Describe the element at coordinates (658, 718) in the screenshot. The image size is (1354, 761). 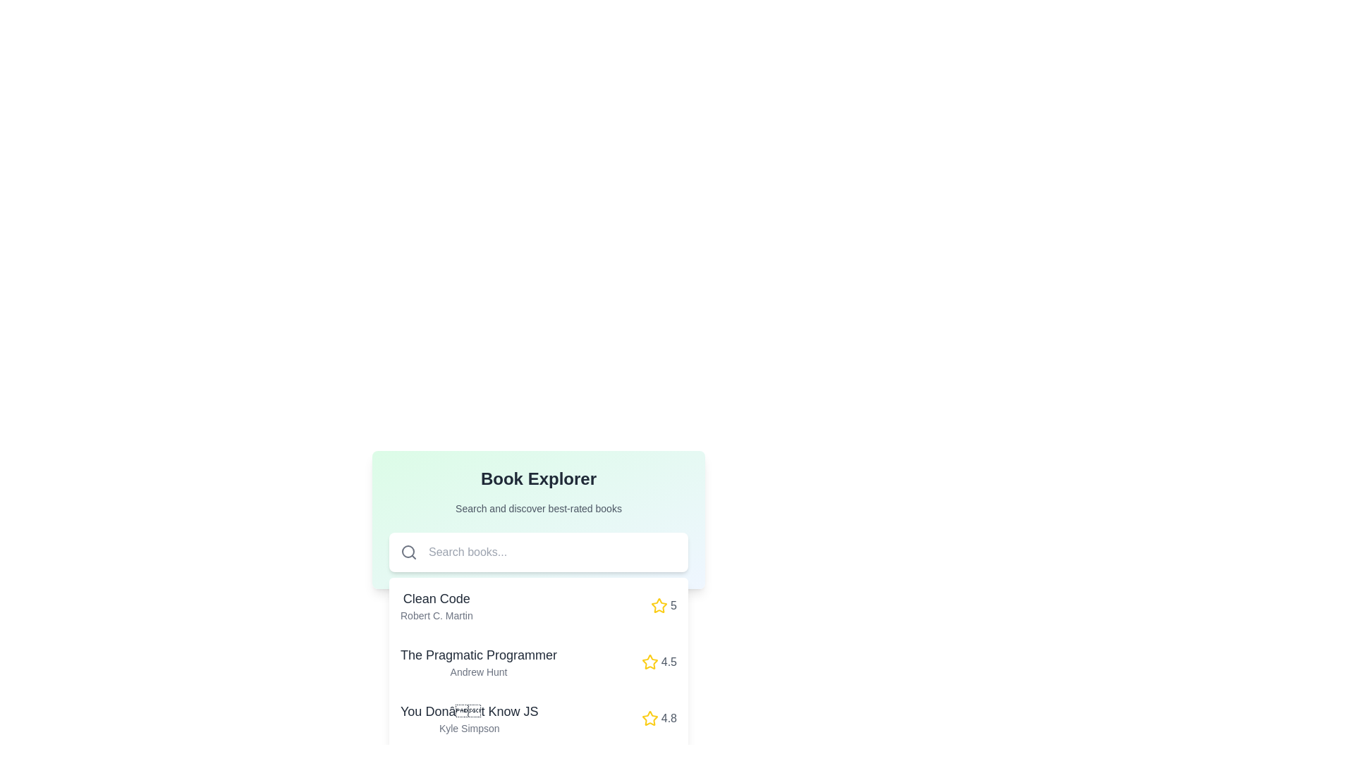
I see `rating value displayed by the yellow star icon and numeric text '4.8' in gray font, located in the lower right corner of the list item for the book 'You Don’t Know JS' by Kyle Simpson` at that location.